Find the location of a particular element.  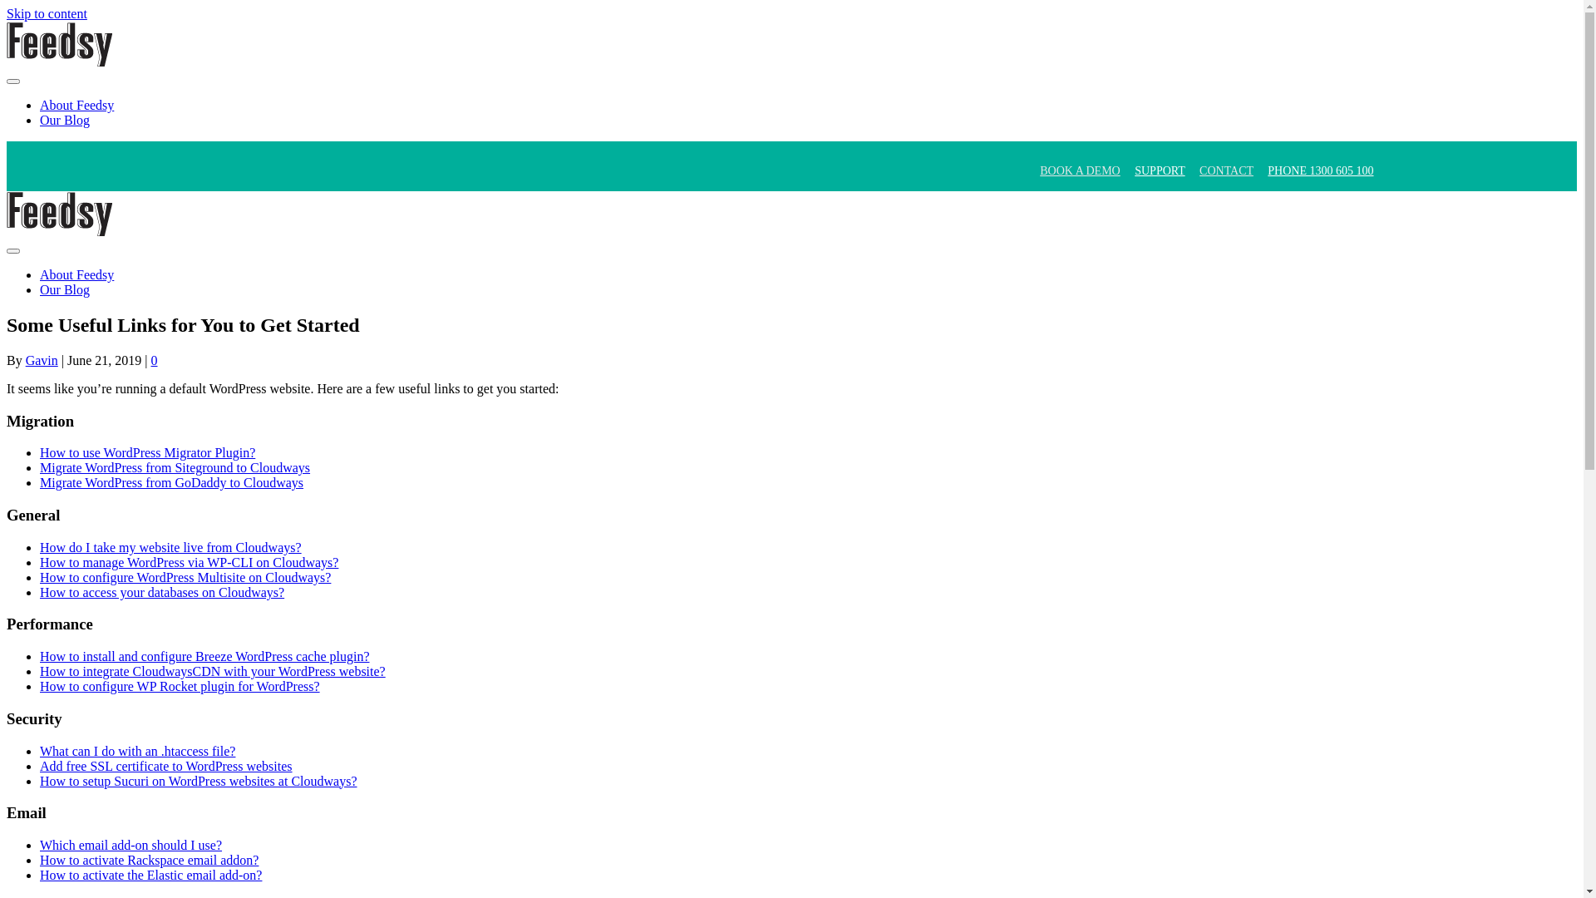

'Migrate WordPress from Siteground to Cloudways' is located at coordinates (175, 467).